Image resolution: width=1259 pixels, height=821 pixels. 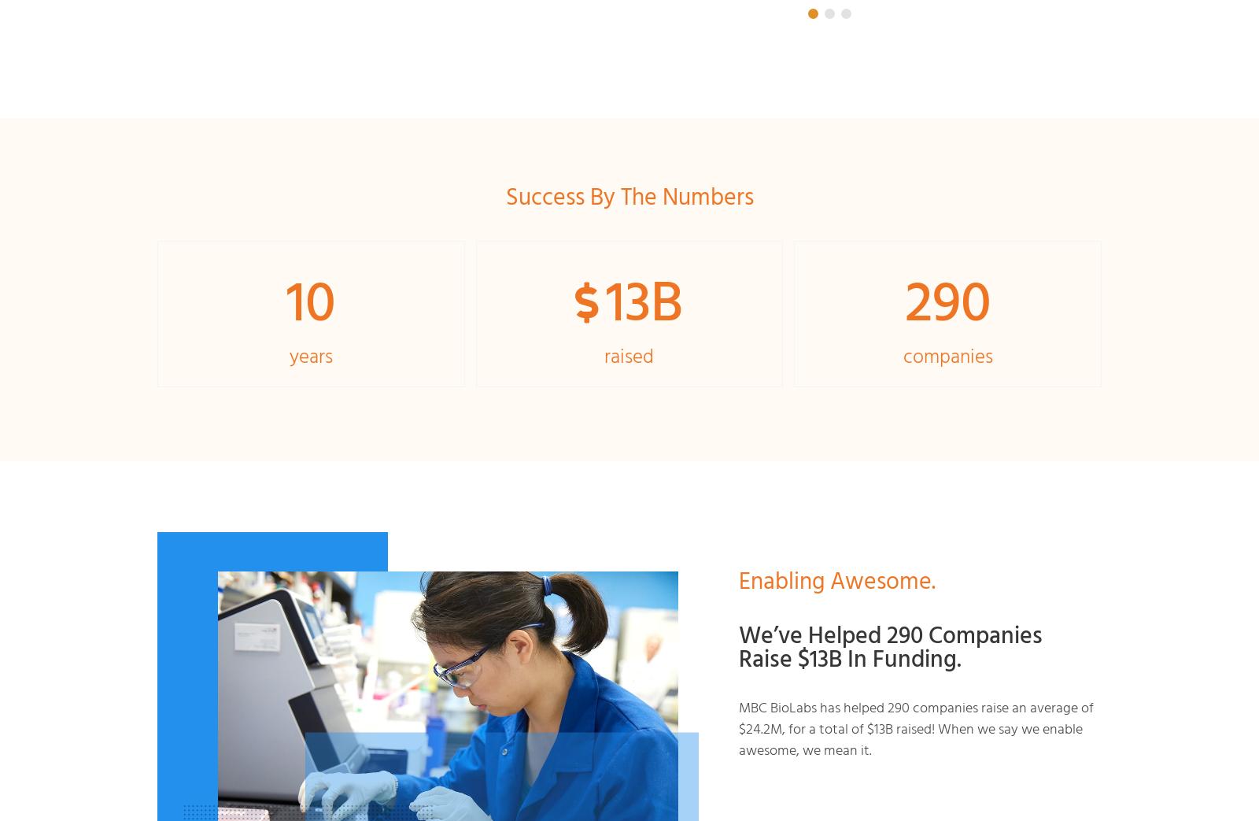 I want to click on '10', so click(x=310, y=298).